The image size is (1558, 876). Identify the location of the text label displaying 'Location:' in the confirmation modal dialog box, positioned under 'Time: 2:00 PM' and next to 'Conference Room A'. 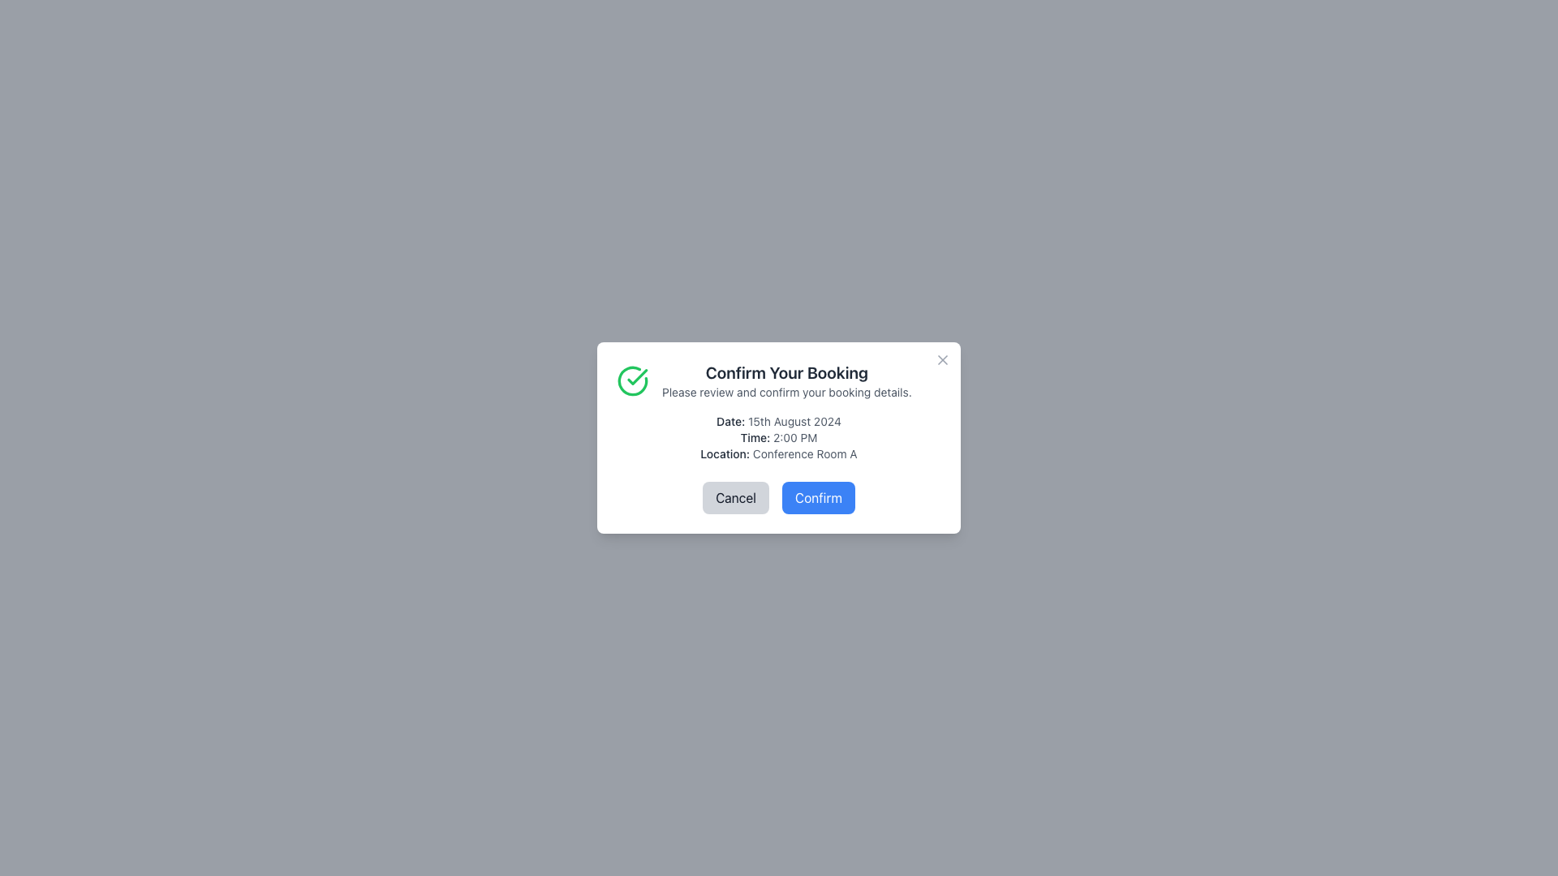
(724, 453).